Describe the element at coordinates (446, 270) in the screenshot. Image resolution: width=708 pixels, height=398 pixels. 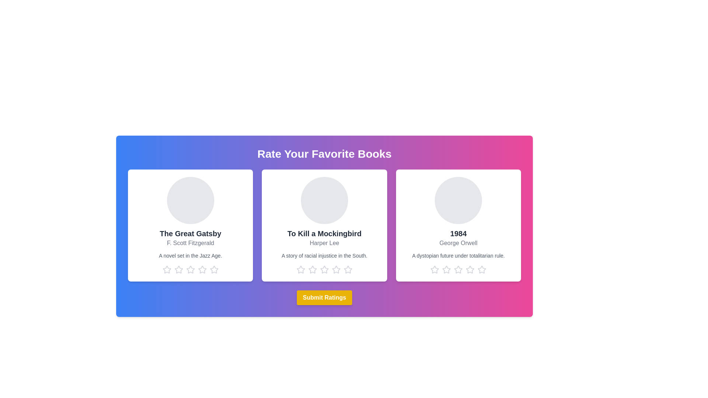
I see `the star corresponding to 2 stars for the book titled 1984` at that location.